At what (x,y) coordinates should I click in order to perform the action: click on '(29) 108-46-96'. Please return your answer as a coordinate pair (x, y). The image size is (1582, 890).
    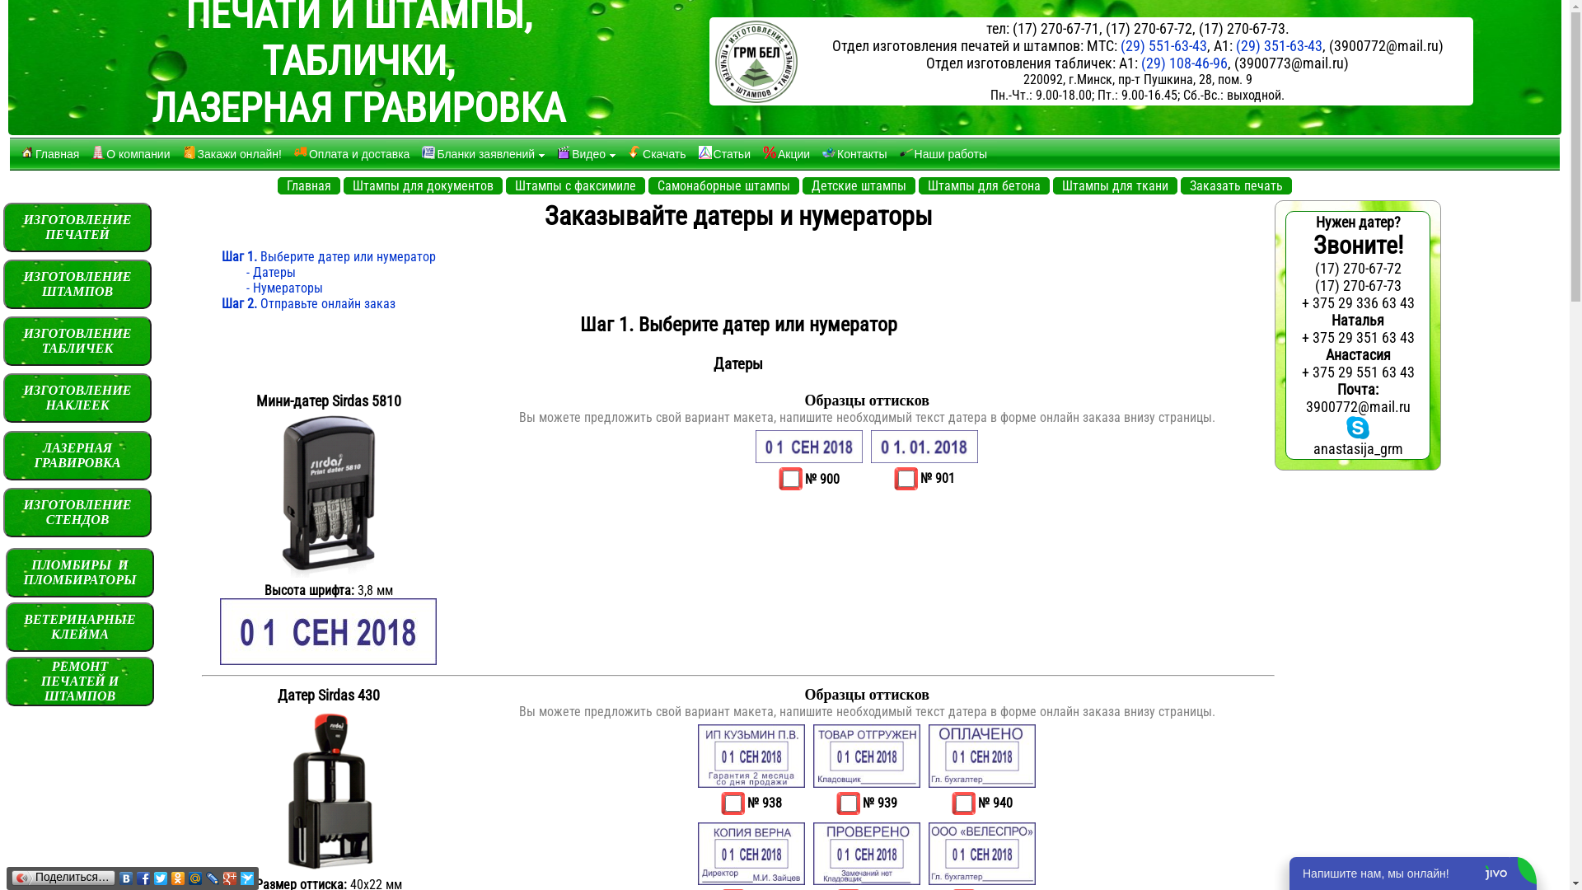
    Looking at the image, I should click on (1183, 62).